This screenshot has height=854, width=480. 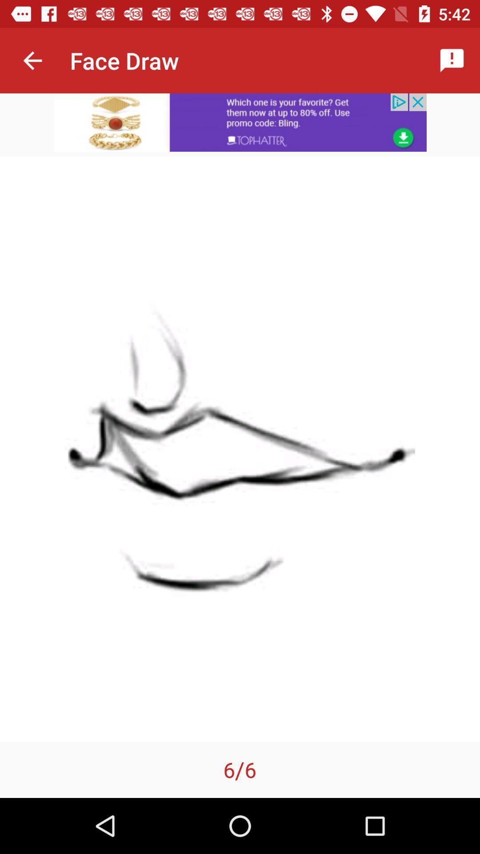 What do you see at coordinates (240, 122) in the screenshot?
I see `click for advertisement` at bounding box center [240, 122].